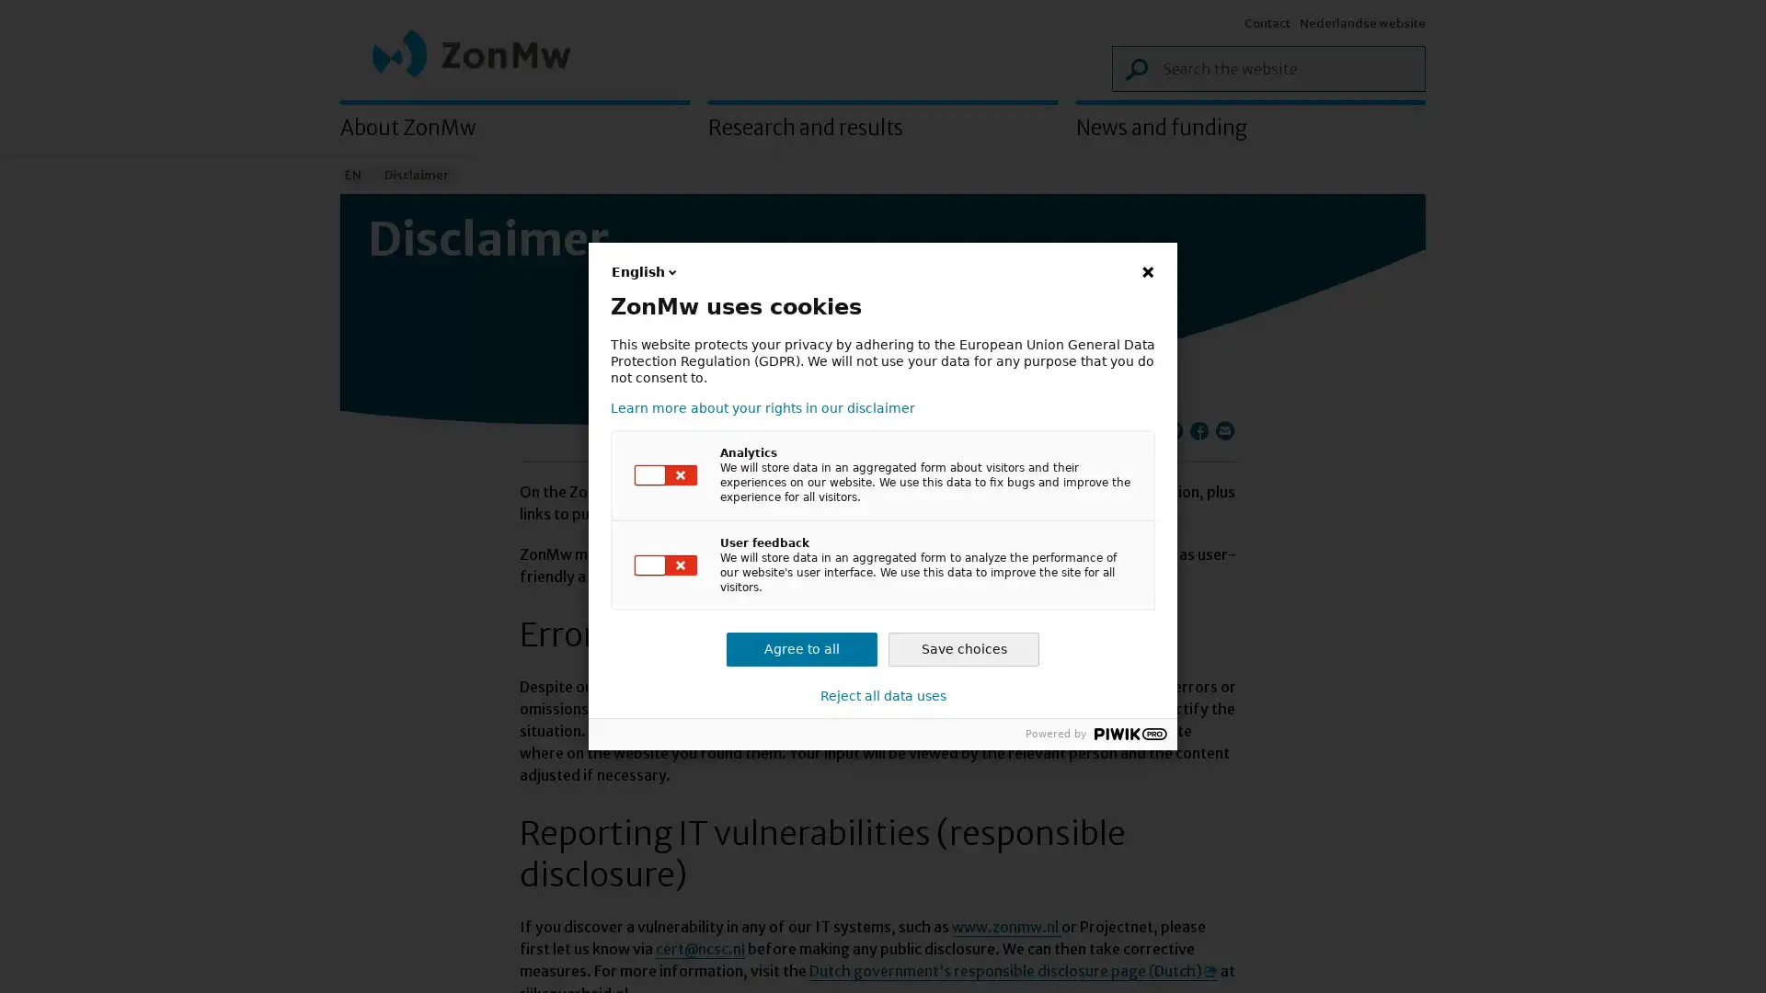 This screenshot has height=993, width=1766. What do you see at coordinates (962, 648) in the screenshot?
I see `Save choices` at bounding box center [962, 648].